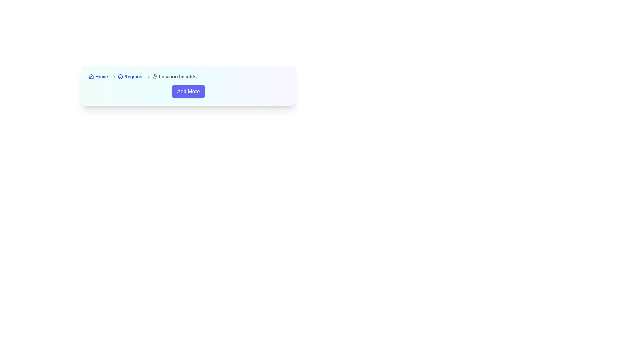 The image size is (627, 352). Describe the element at coordinates (171, 76) in the screenshot. I see `the third segment of the breadcrumb navigation, which follows the 'Regions' segment, to understand the navigation structure of the current interface` at that location.